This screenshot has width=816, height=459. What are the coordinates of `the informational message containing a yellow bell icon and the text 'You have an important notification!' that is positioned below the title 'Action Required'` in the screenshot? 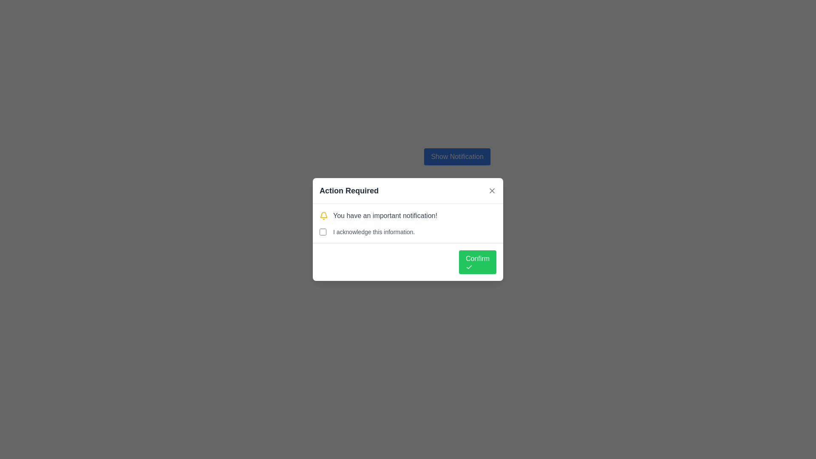 It's located at (408, 215).